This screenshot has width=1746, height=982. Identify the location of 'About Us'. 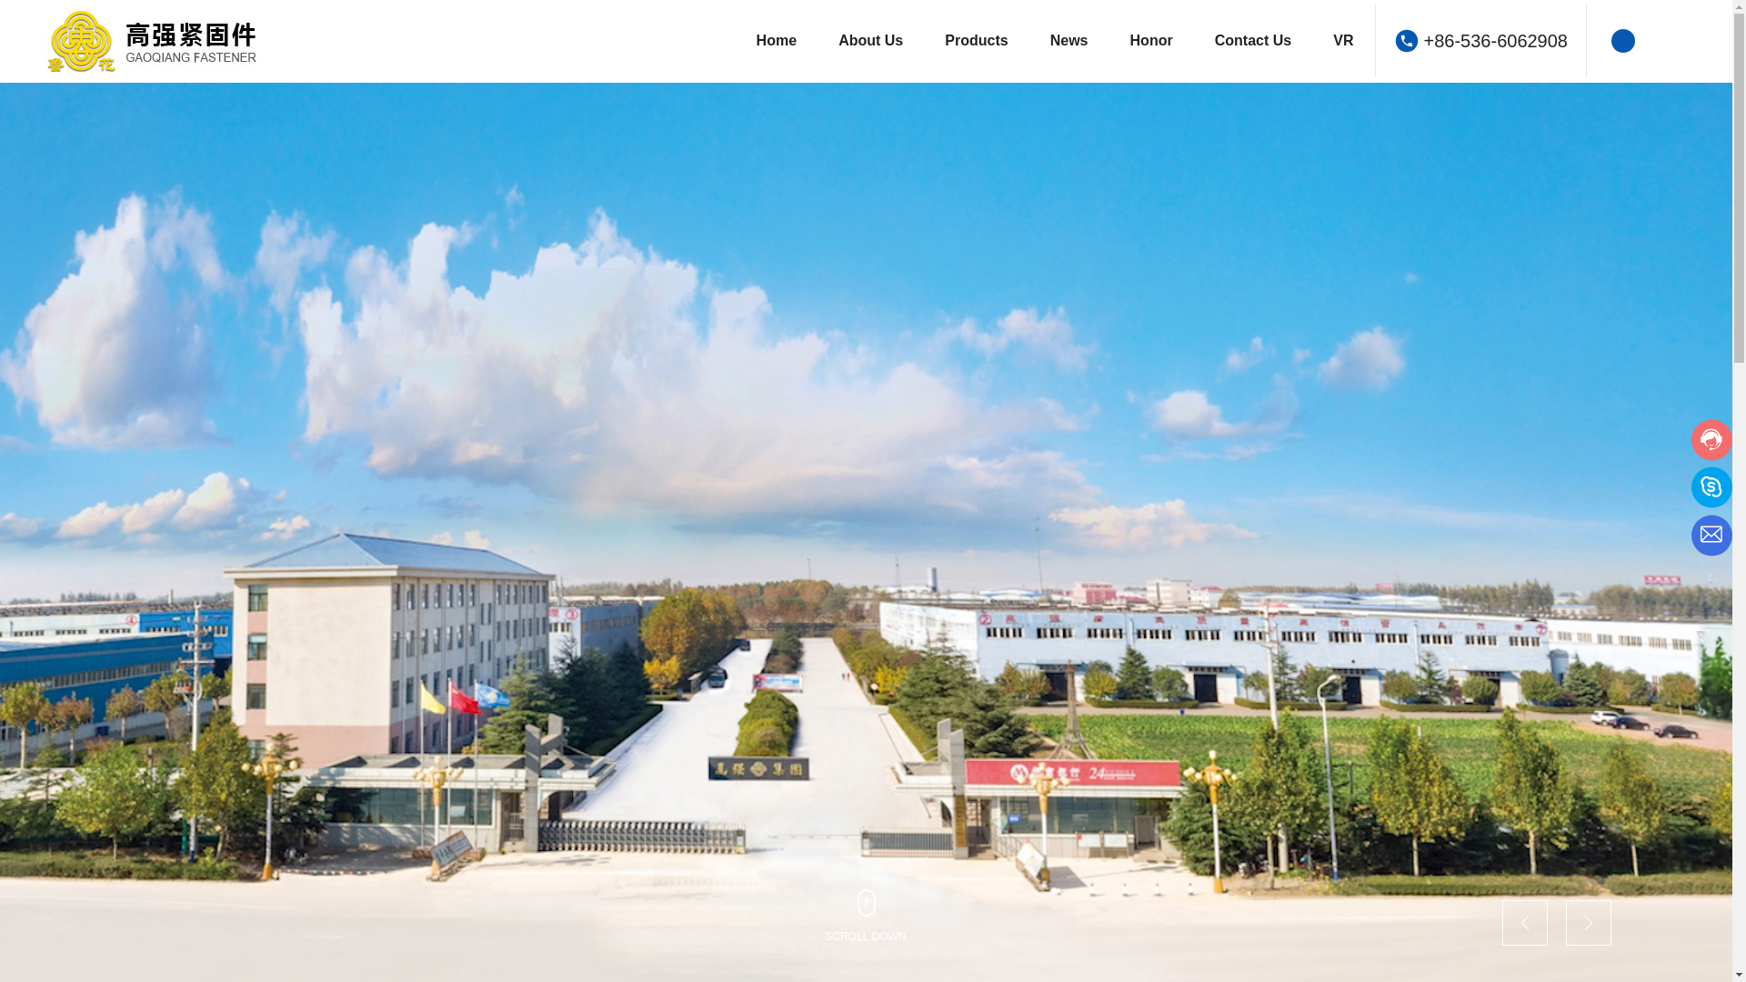
(869, 41).